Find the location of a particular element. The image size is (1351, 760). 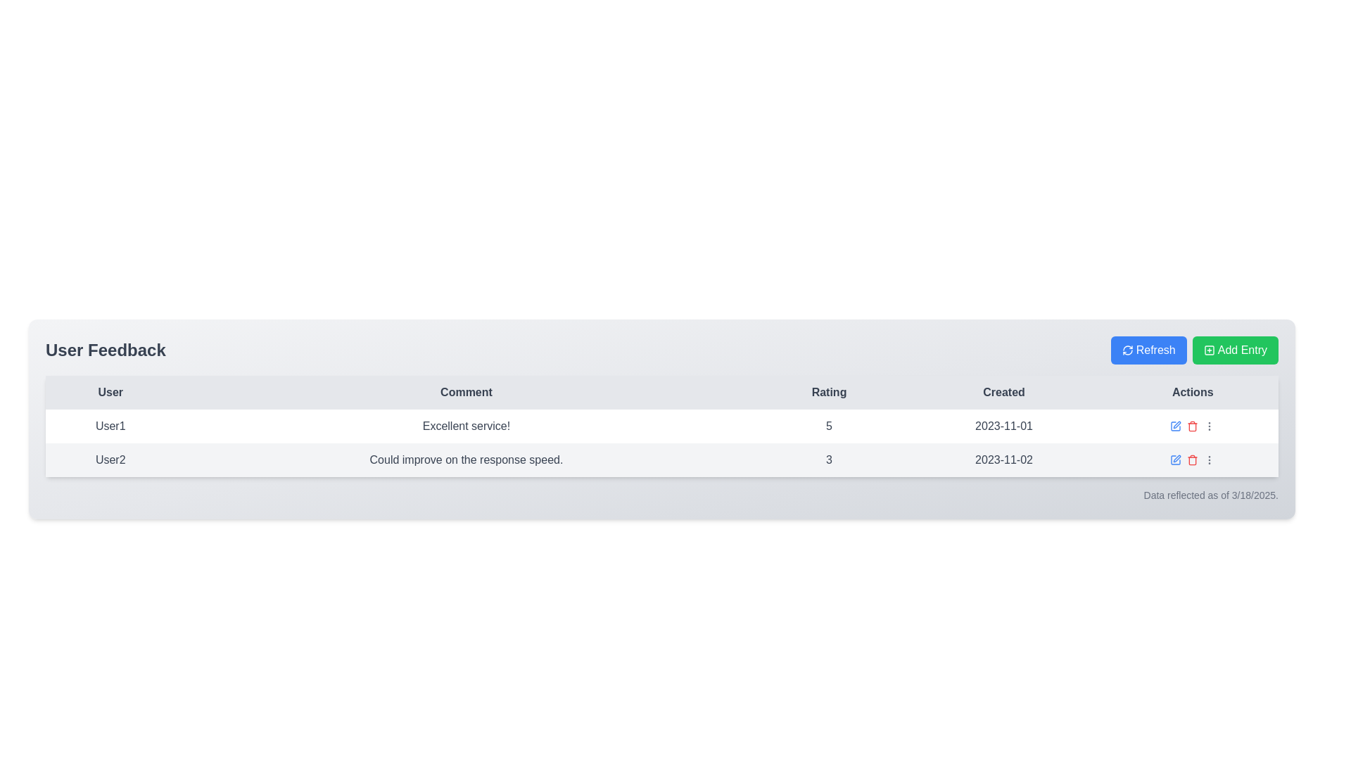

the rectangular graphical element with rounded corners located in the Actions column of a table row, which forms part of an icon set in the top-right area of the interface is located at coordinates (1208, 349).